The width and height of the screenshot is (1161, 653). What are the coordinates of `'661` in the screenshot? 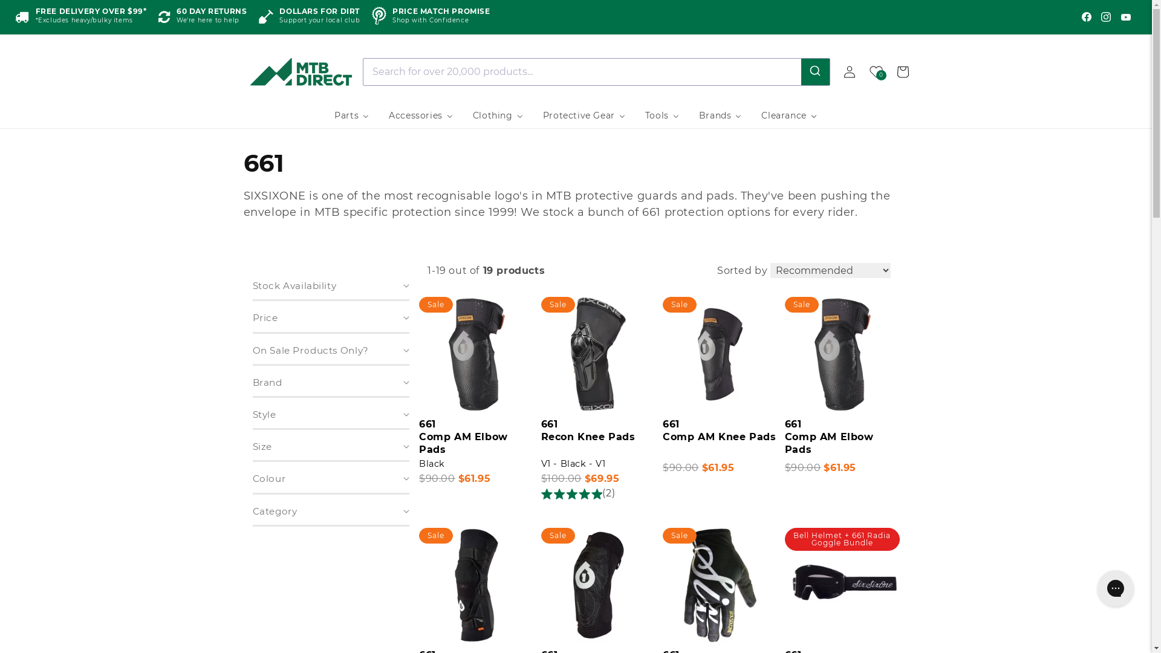 It's located at (720, 437).